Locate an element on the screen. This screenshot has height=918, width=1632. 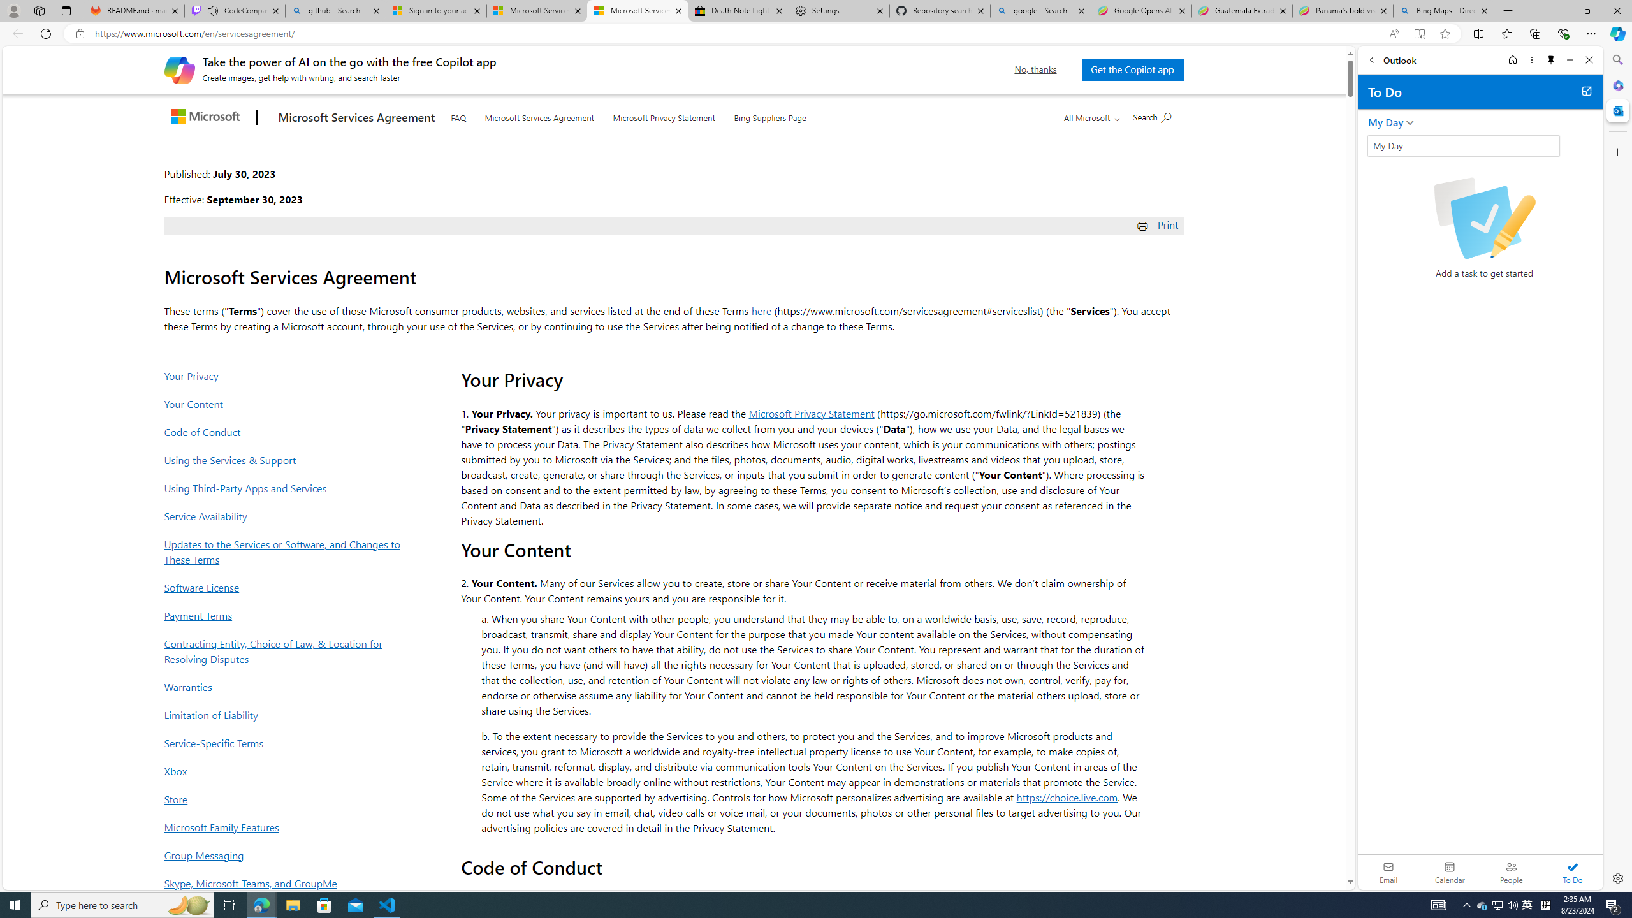
'Microsoft Privacy Statement' is located at coordinates (662, 115).